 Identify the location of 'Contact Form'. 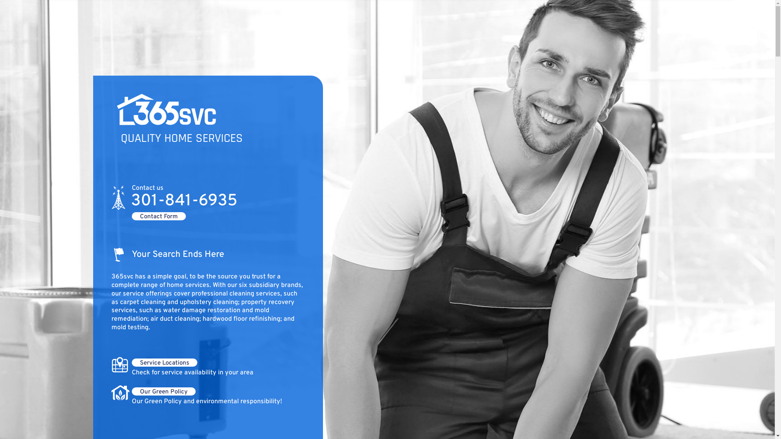
(159, 216).